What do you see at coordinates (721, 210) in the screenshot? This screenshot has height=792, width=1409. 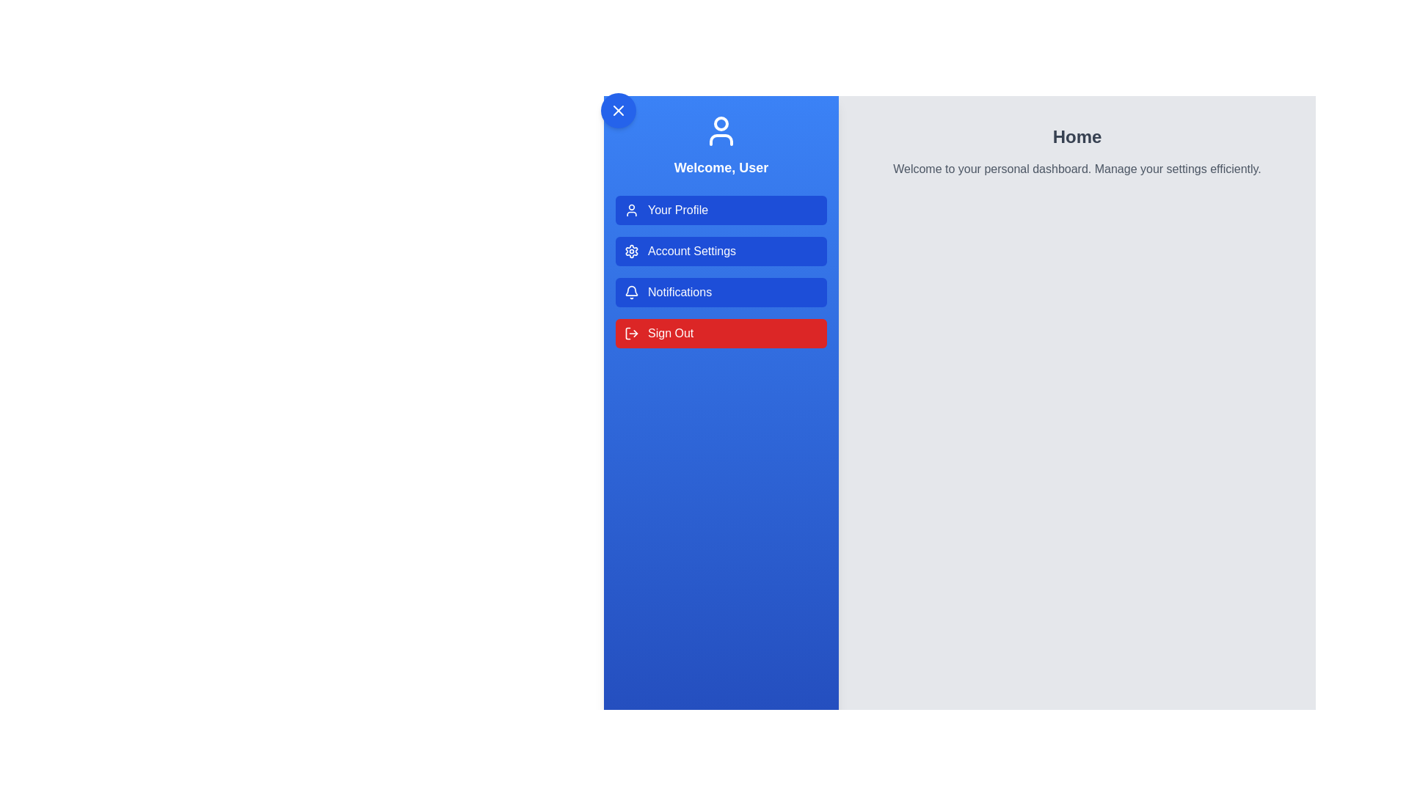 I see `the menu option Your Profile from the UserProfileDrawer` at bounding box center [721, 210].